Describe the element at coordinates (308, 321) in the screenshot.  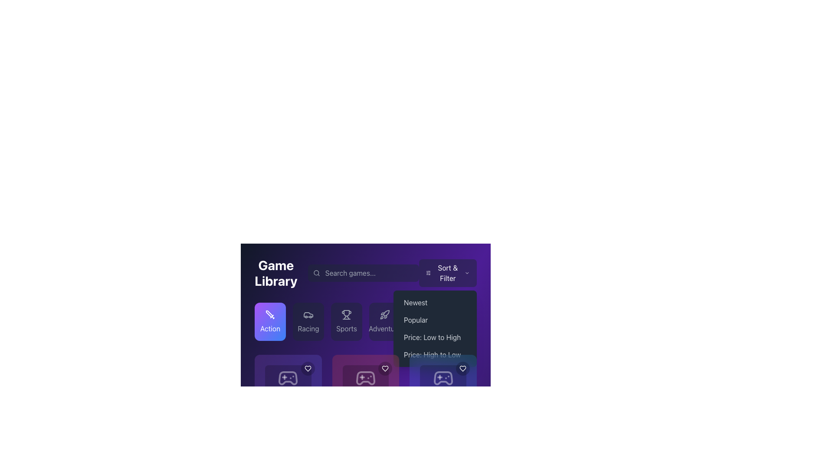
I see `the 'Racing' button, which is a rectangular button with a dark background and a car icon` at that location.